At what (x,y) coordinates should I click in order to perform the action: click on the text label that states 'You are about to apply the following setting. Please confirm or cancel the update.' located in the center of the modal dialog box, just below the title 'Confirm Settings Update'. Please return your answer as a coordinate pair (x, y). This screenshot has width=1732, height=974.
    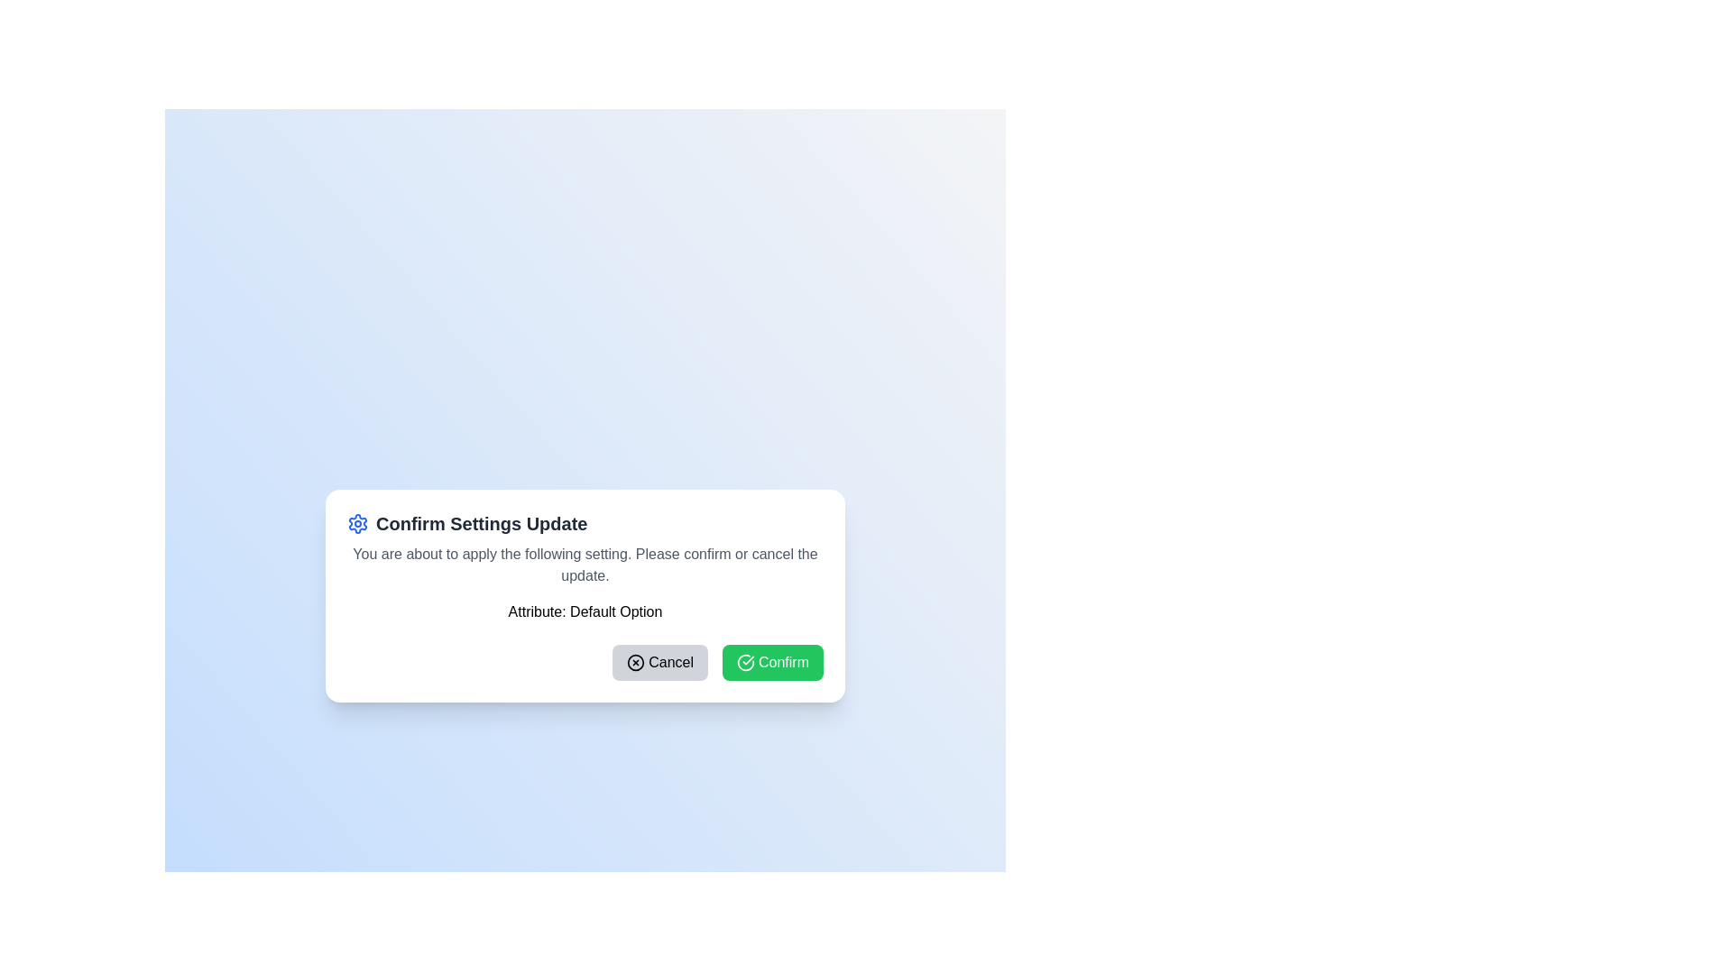
    Looking at the image, I should click on (585, 565).